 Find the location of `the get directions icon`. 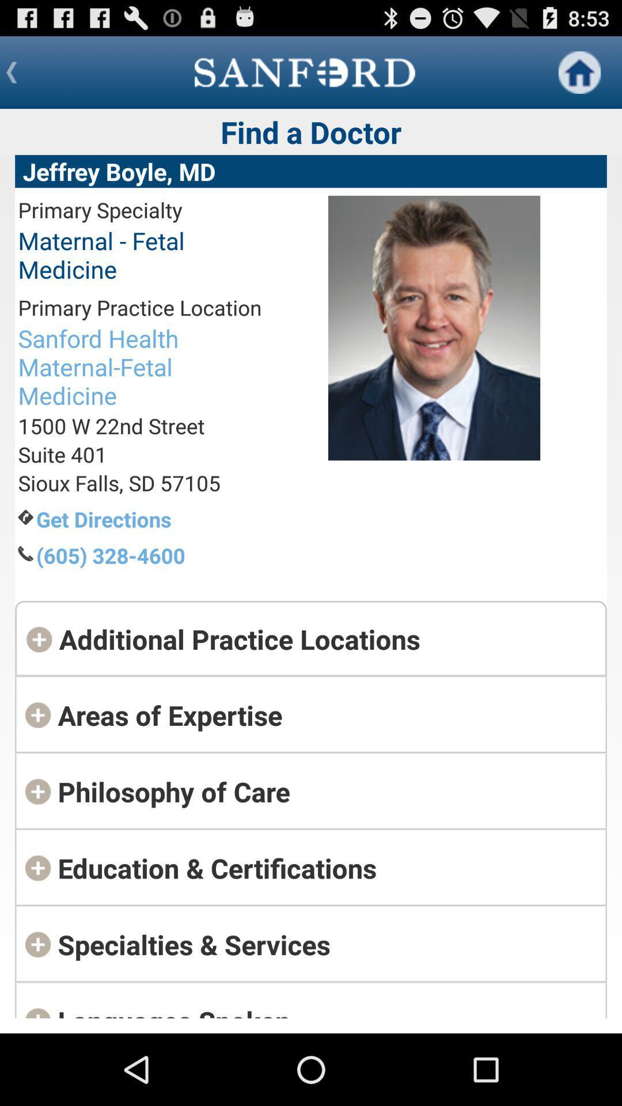

the get directions icon is located at coordinates (148, 518).